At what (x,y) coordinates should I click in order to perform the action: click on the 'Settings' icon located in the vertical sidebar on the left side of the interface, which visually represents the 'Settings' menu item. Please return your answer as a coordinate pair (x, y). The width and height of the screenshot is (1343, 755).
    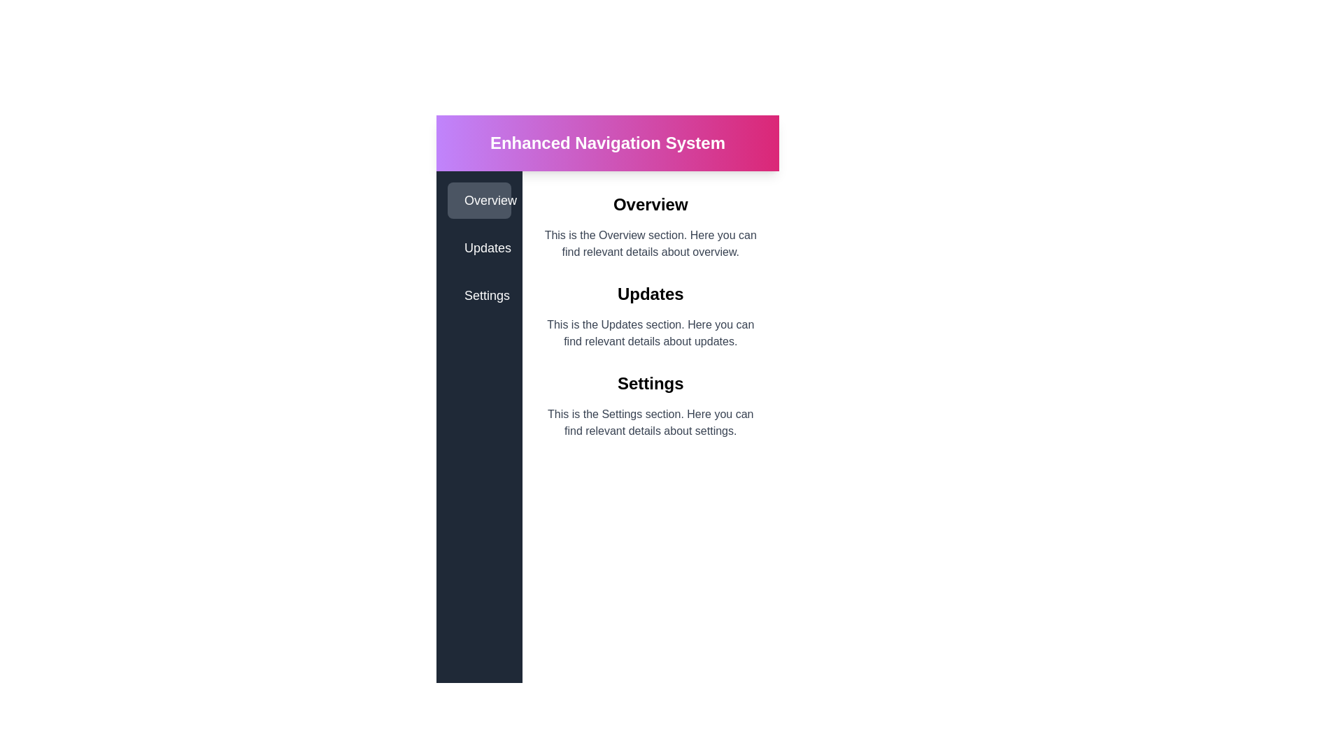
    Looking at the image, I should click on (464, 295).